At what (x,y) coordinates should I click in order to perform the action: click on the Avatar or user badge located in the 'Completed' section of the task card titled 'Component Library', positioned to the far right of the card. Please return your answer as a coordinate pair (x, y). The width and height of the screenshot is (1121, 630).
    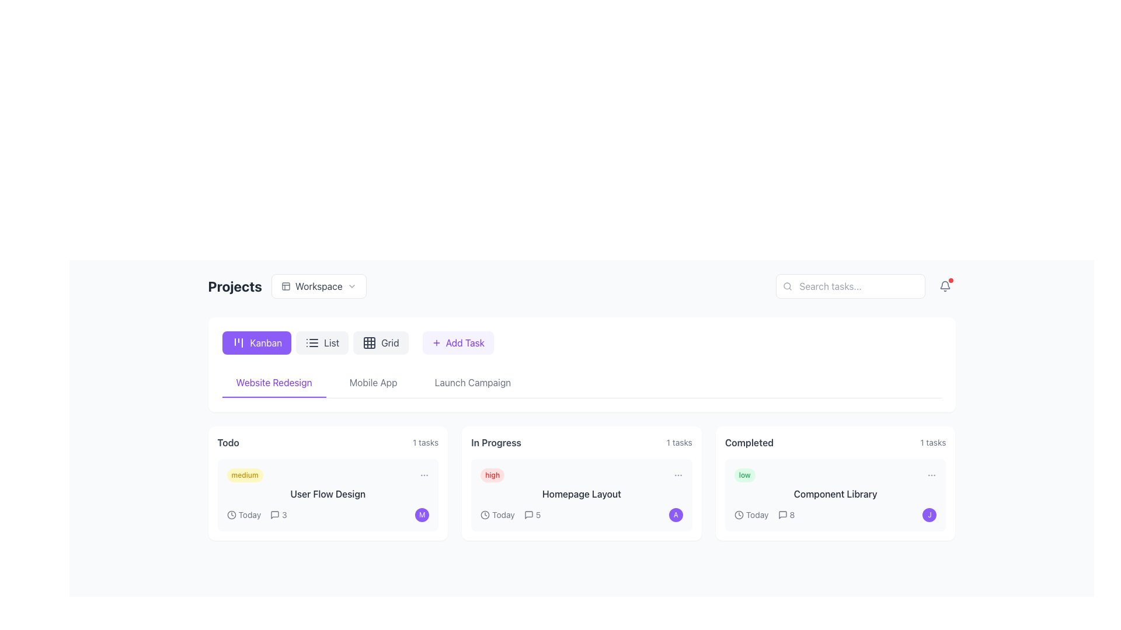
    Looking at the image, I should click on (929, 514).